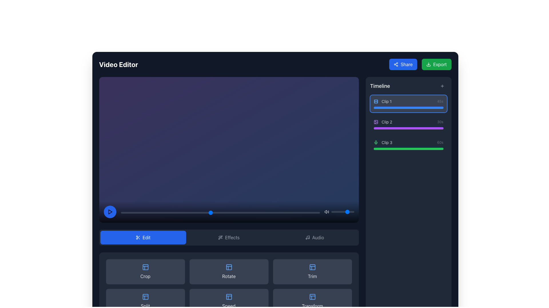 Image resolution: width=549 pixels, height=308 pixels. I want to click on the 'Crop' button which is a blue-colored icon with text in a dark gray rounded rectangle located in the first column of the grid layout's top row, so click(145, 271).